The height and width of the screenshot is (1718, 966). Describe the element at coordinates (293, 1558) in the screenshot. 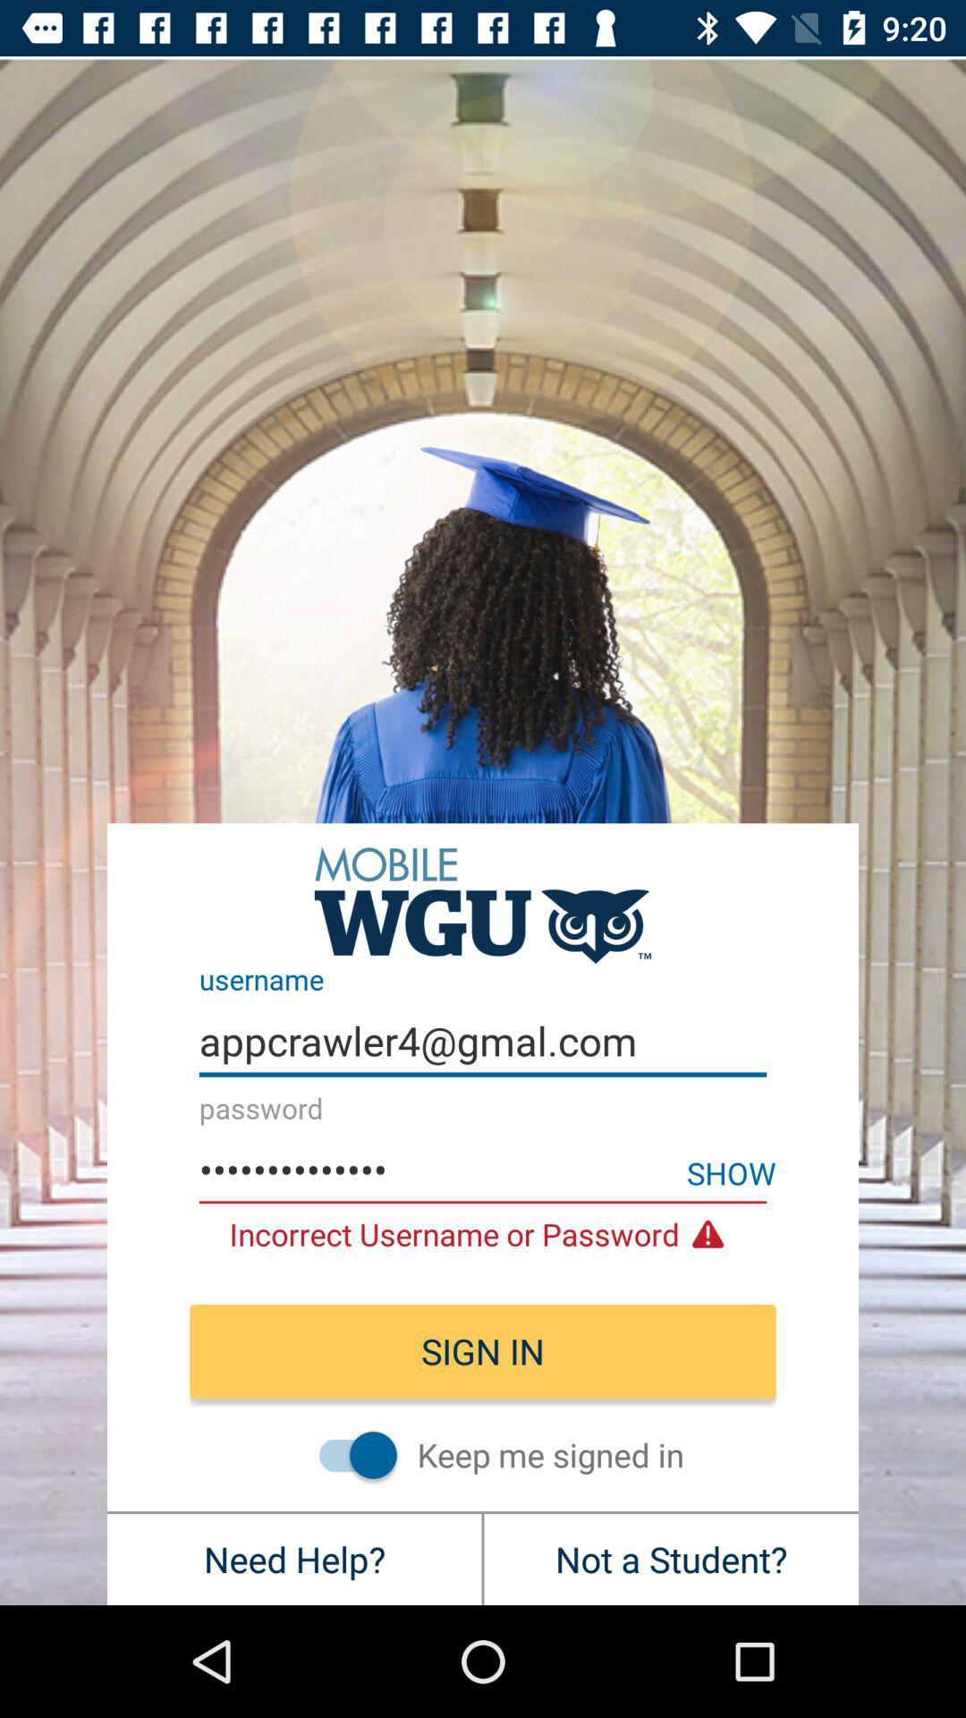

I see `the need help? item` at that location.